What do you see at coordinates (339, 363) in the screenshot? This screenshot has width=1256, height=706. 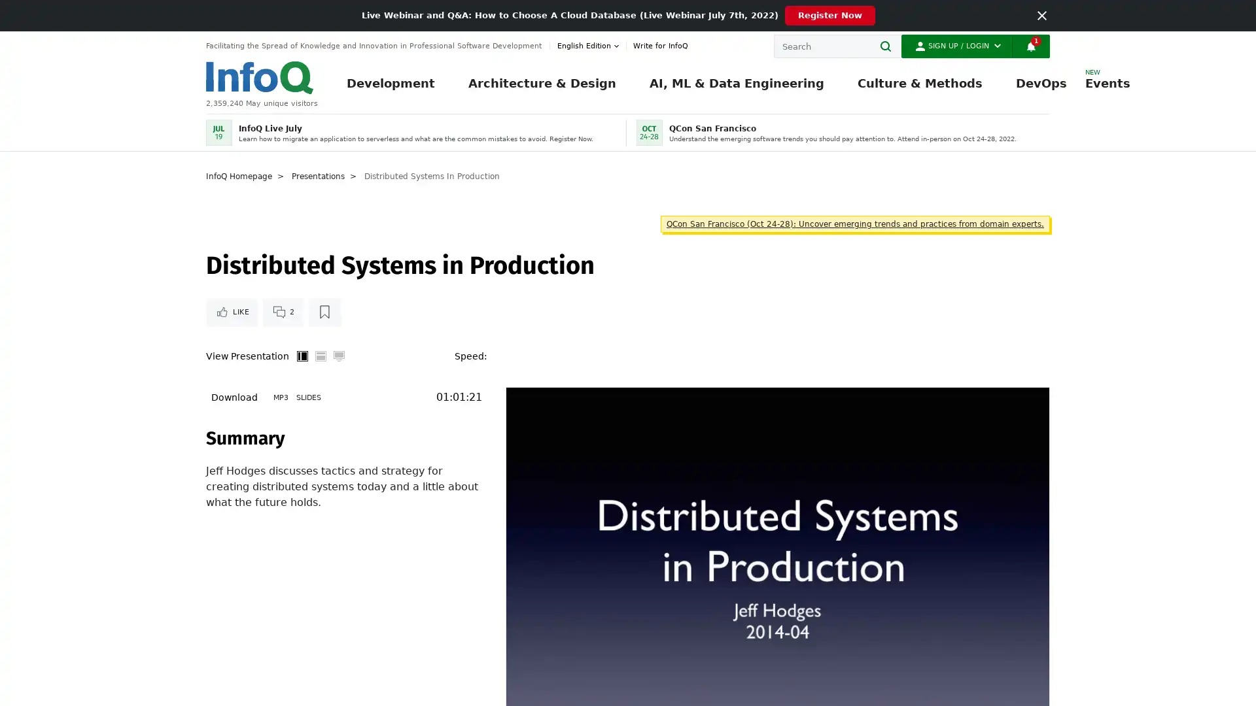 I see `Full` at bounding box center [339, 363].